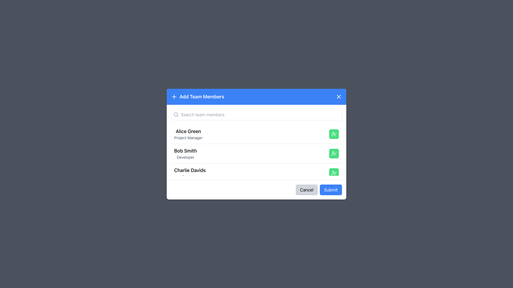  I want to click on the text block that displays the name and role of a team member, which is the first item in the team member list below the search bar, so click(188, 134).